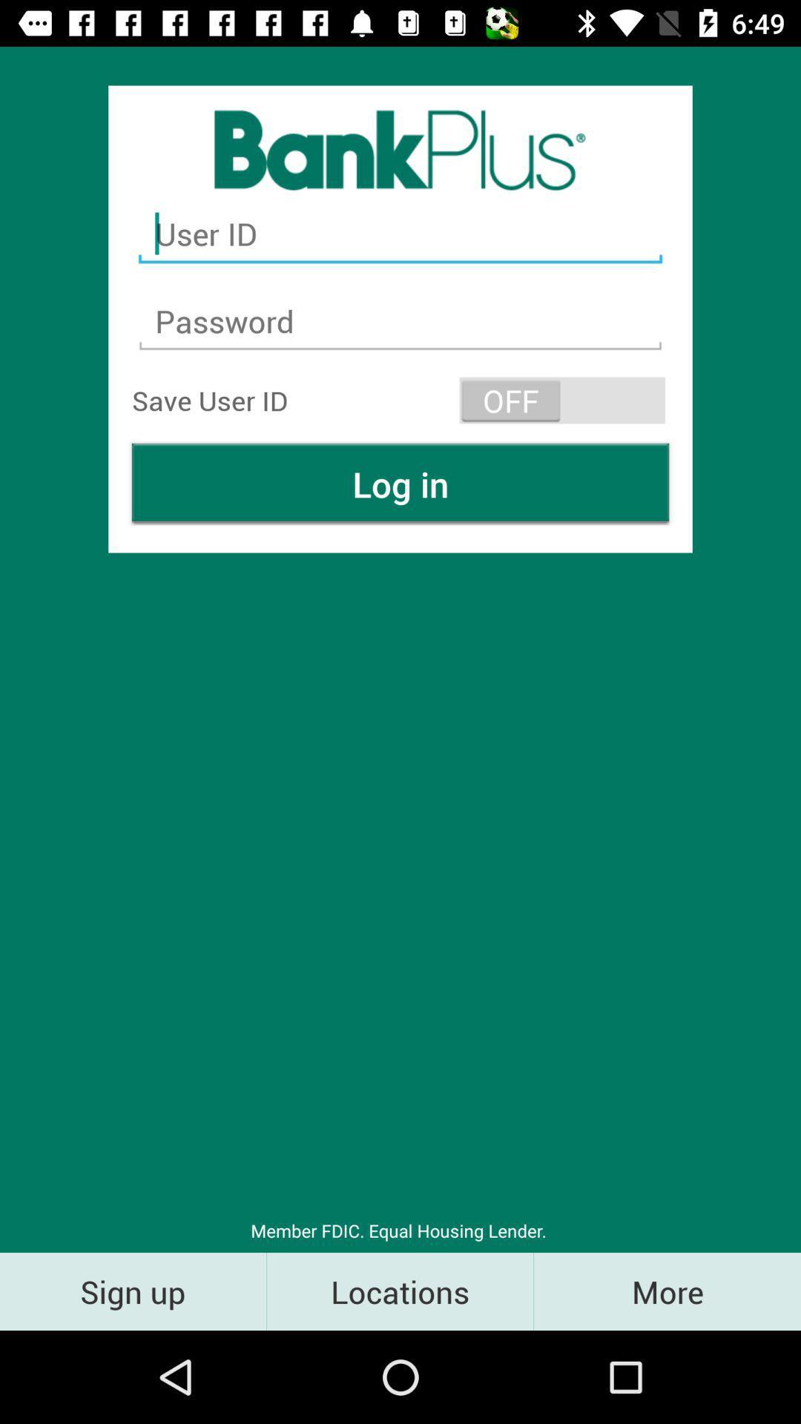 The image size is (801, 1424). Describe the element at coordinates (562, 400) in the screenshot. I see `the icon above the log in` at that location.